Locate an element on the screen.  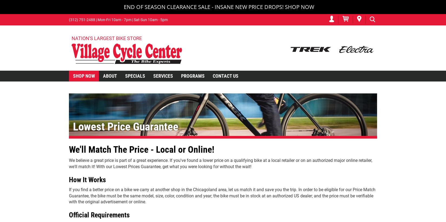
'Village Advantage' is located at coordinates (121, 87).